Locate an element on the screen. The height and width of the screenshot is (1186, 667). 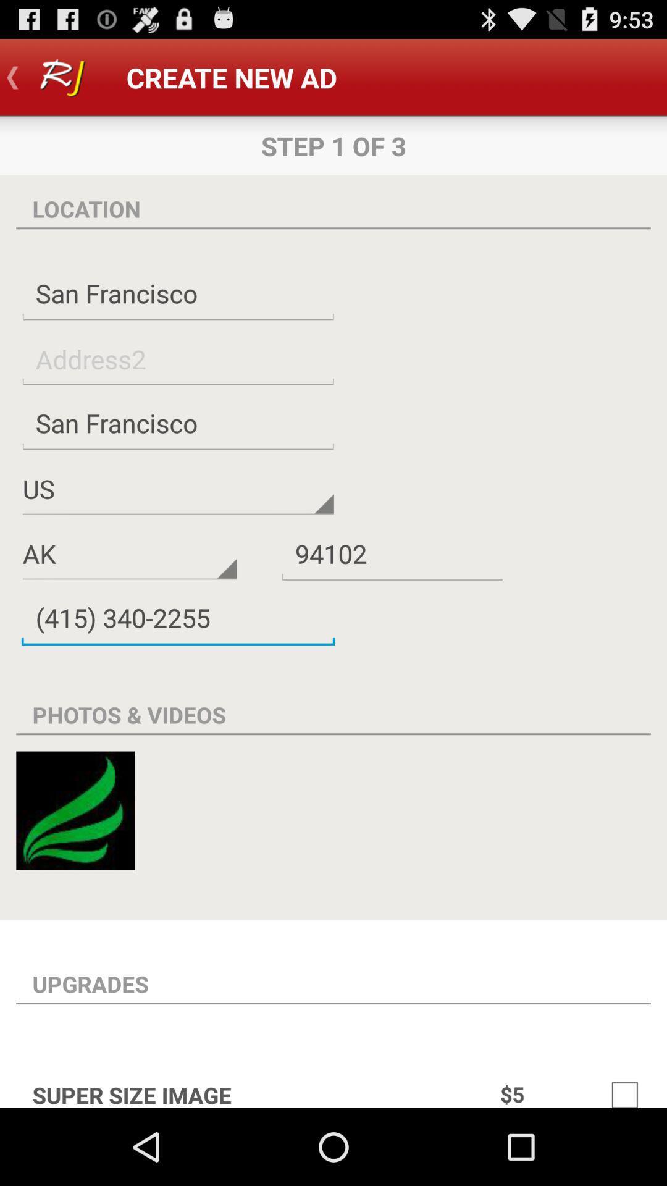
address bar line 2 is located at coordinates (178, 358).